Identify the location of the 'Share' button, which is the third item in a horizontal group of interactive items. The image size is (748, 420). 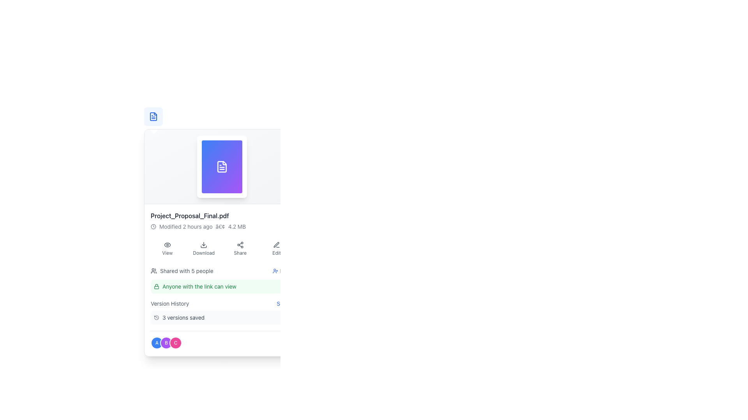
(222, 249).